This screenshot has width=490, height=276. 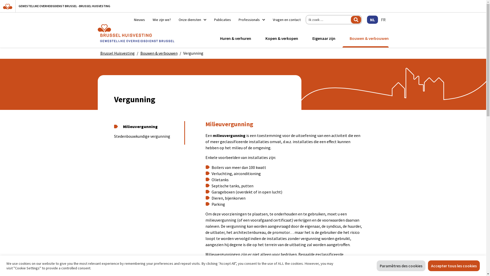 I want to click on 'Stedenbouwkundige vergunning', so click(x=146, y=136).